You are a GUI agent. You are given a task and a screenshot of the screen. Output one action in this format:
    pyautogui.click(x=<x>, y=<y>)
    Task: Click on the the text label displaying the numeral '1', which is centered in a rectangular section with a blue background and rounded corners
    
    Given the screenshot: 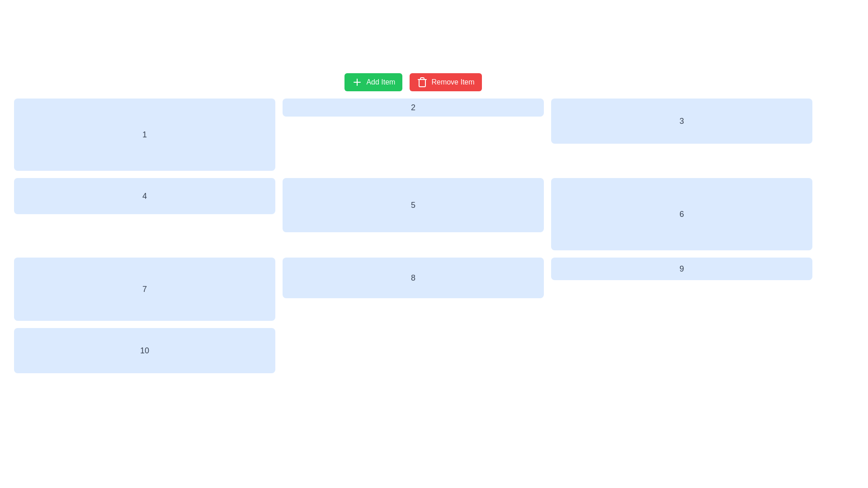 What is the action you would take?
    pyautogui.click(x=145, y=134)
    